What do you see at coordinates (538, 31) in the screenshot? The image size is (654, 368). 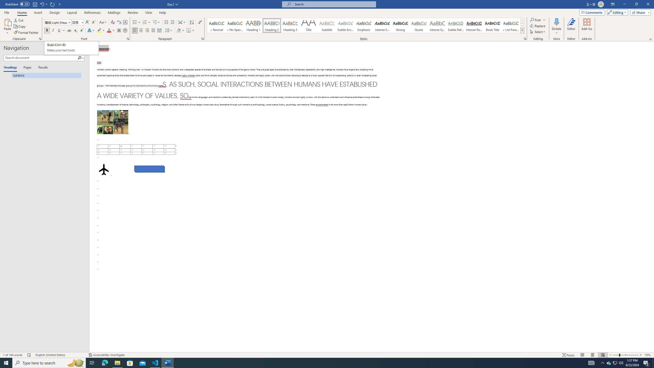 I see `'Select'` at bounding box center [538, 31].